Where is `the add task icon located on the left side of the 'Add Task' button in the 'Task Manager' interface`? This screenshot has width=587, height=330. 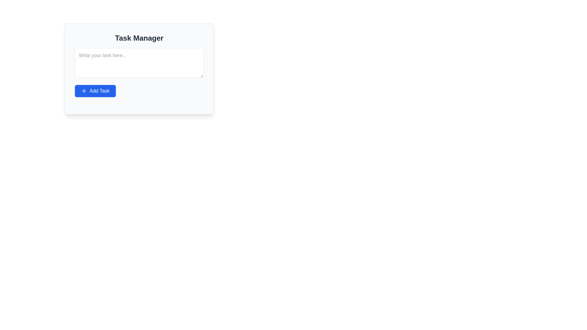
the add task icon located on the left side of the 'Add Task' button in the 'Task Manager' interface is located at coordinates (83, 91).